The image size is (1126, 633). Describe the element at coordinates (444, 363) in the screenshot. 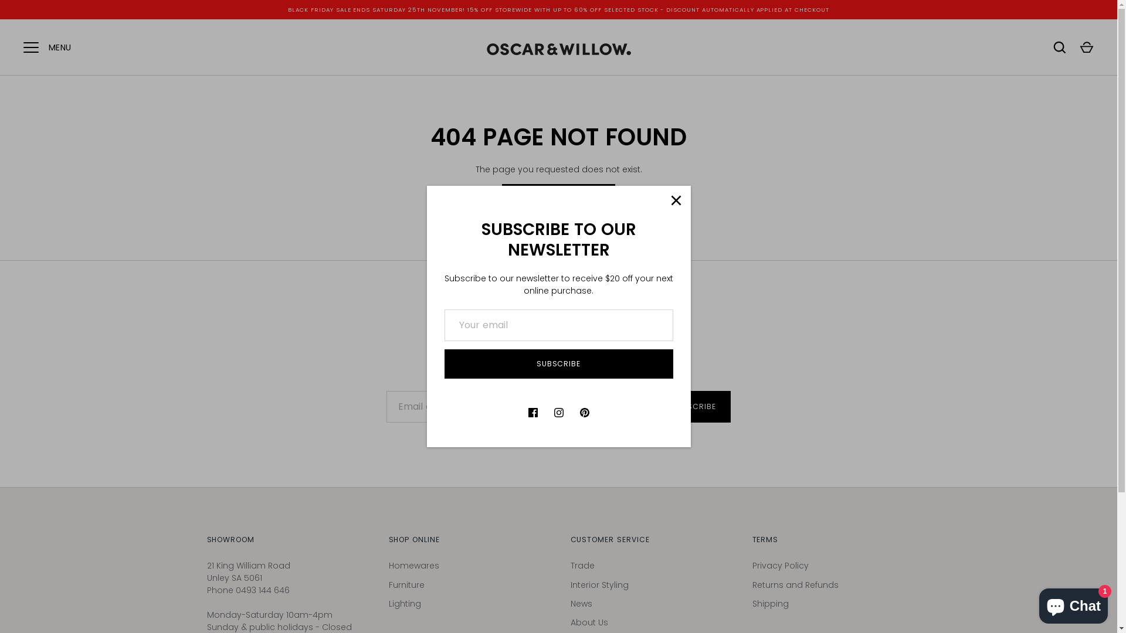

I see `'SUBSCRIBE'` at that location.